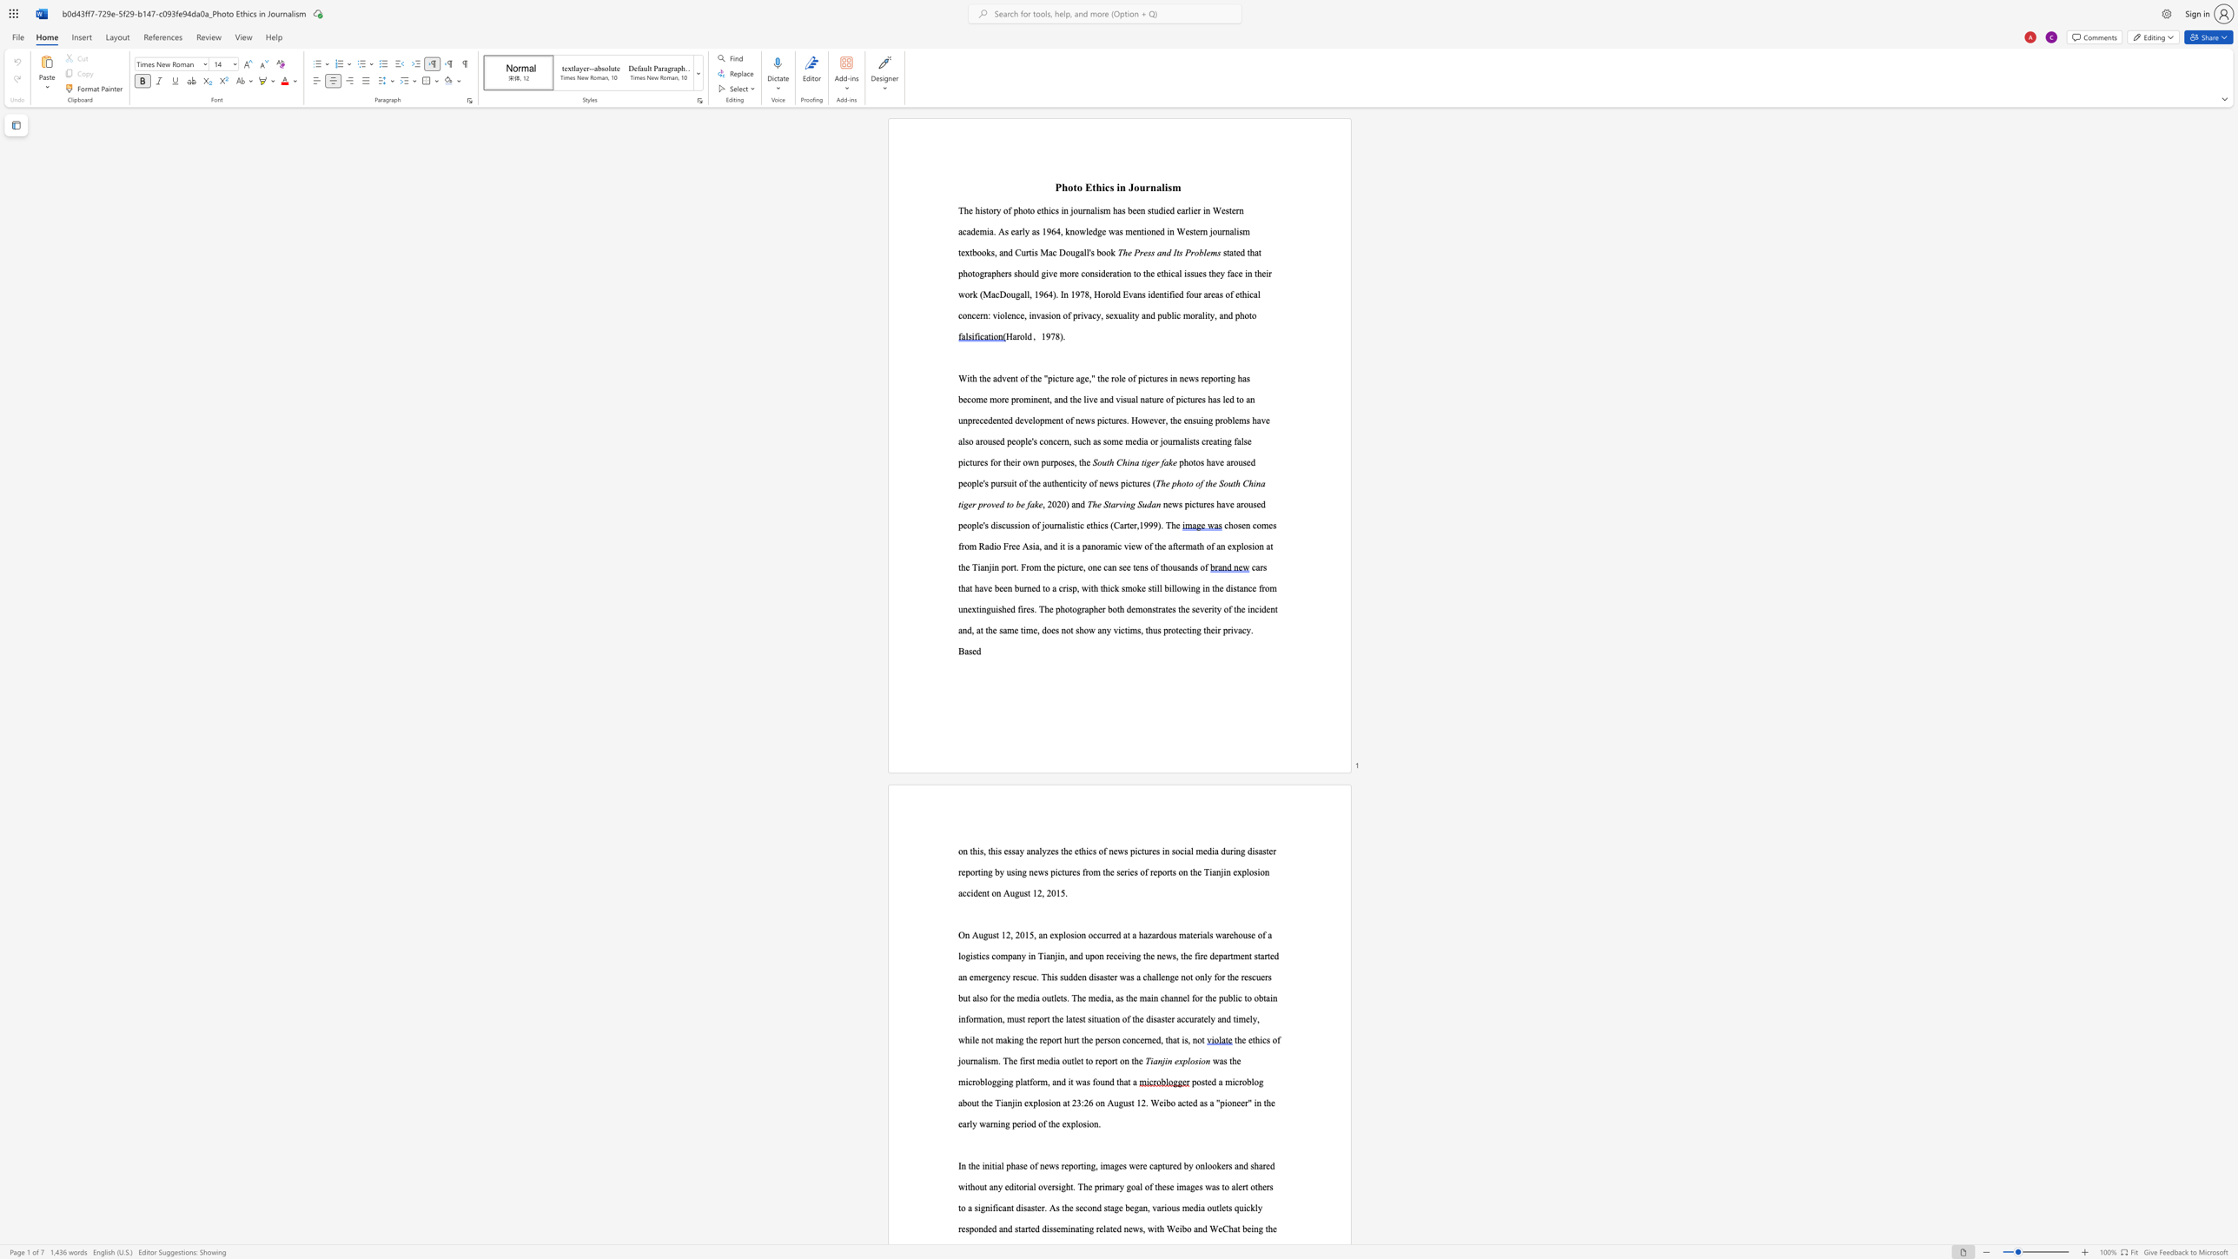  I want to click on the subset text "king the report hurt the person concerned, t" within the text ", while not making the report hurt the person concerned, that is, not", so click(1007, 1038).